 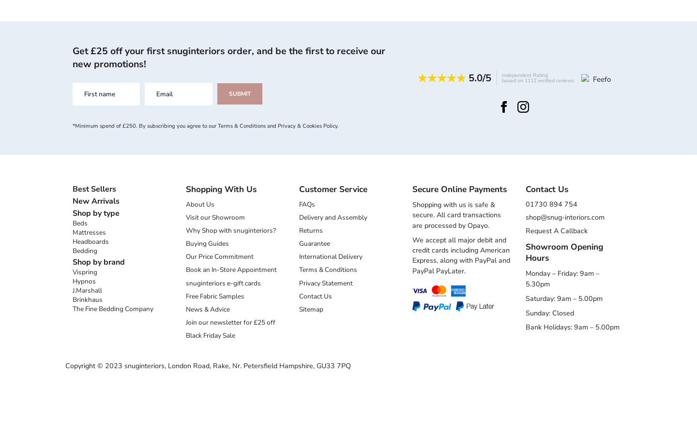 What do you see at coordinates (525, 230) in the screenshot?
I see `'Request A Callback'` at bounding box center [525, 230].